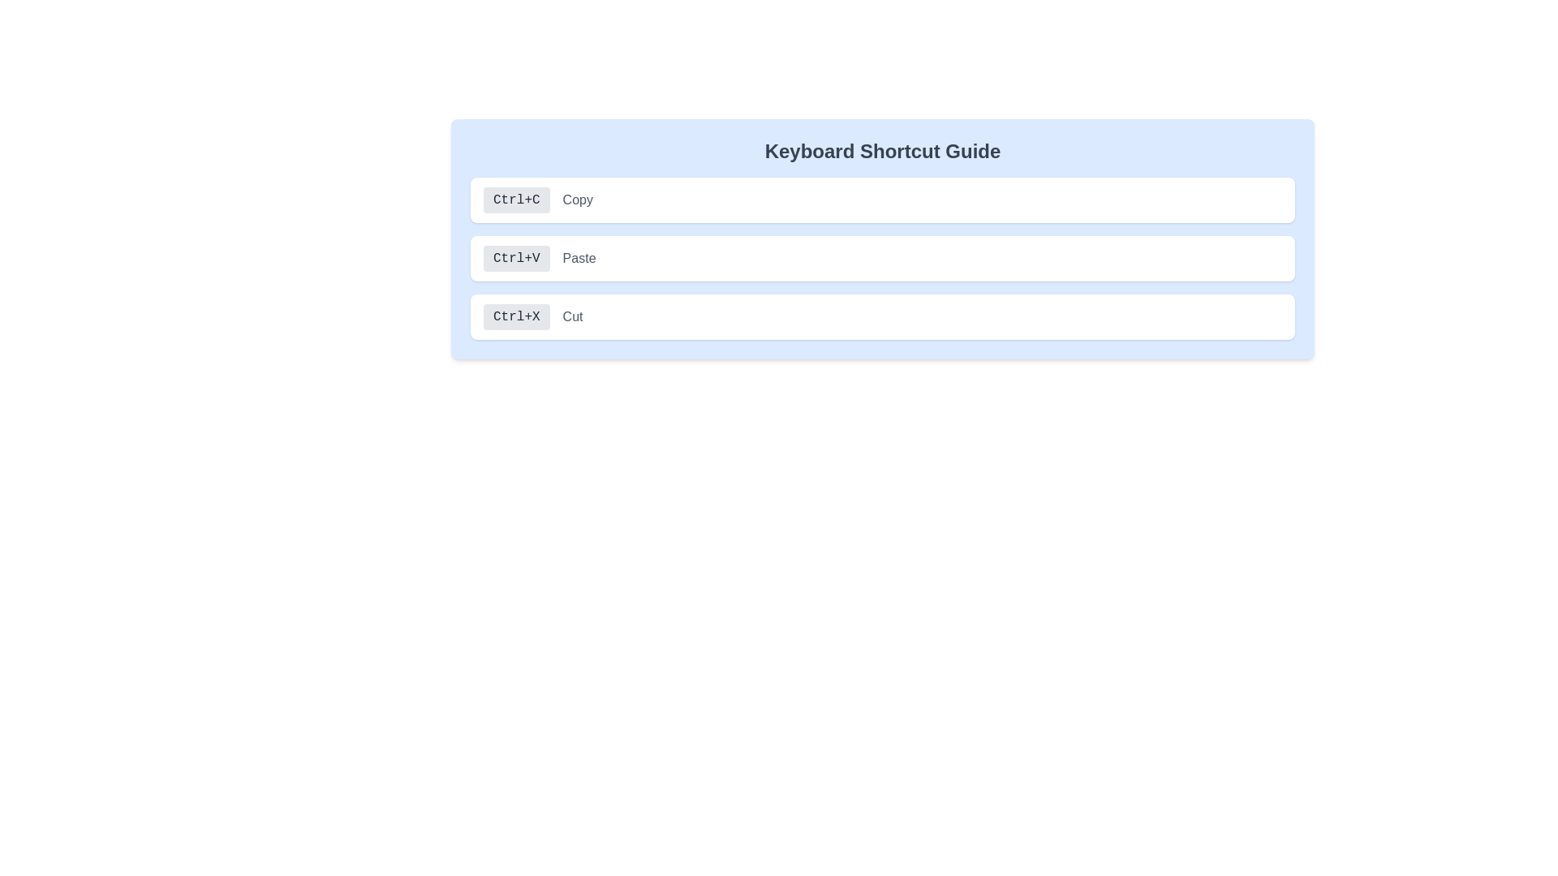 The height and width of the screenshot is (876, 1558). What do you see at coordinates (572, 316) in the screenshot?
I see `the text snippet displaying 'Cut' with gray color located to the right of 'Ctrl+X' in the 'Keyboard Shortcut Guide' panel` at bounding box center [572, 316].